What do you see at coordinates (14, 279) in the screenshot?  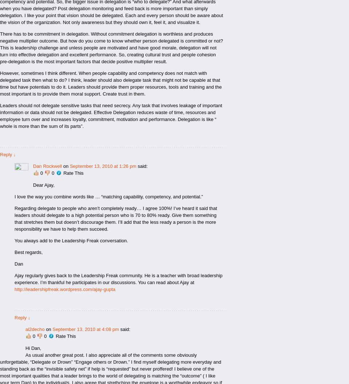 I see `'Ajay regularly gives back to the Leadership Freak community. He is a teacher with broad leadership experience. I’m thankful he participates in our discussions. You can read about Ajay at'` at bounding box center [14, 279].